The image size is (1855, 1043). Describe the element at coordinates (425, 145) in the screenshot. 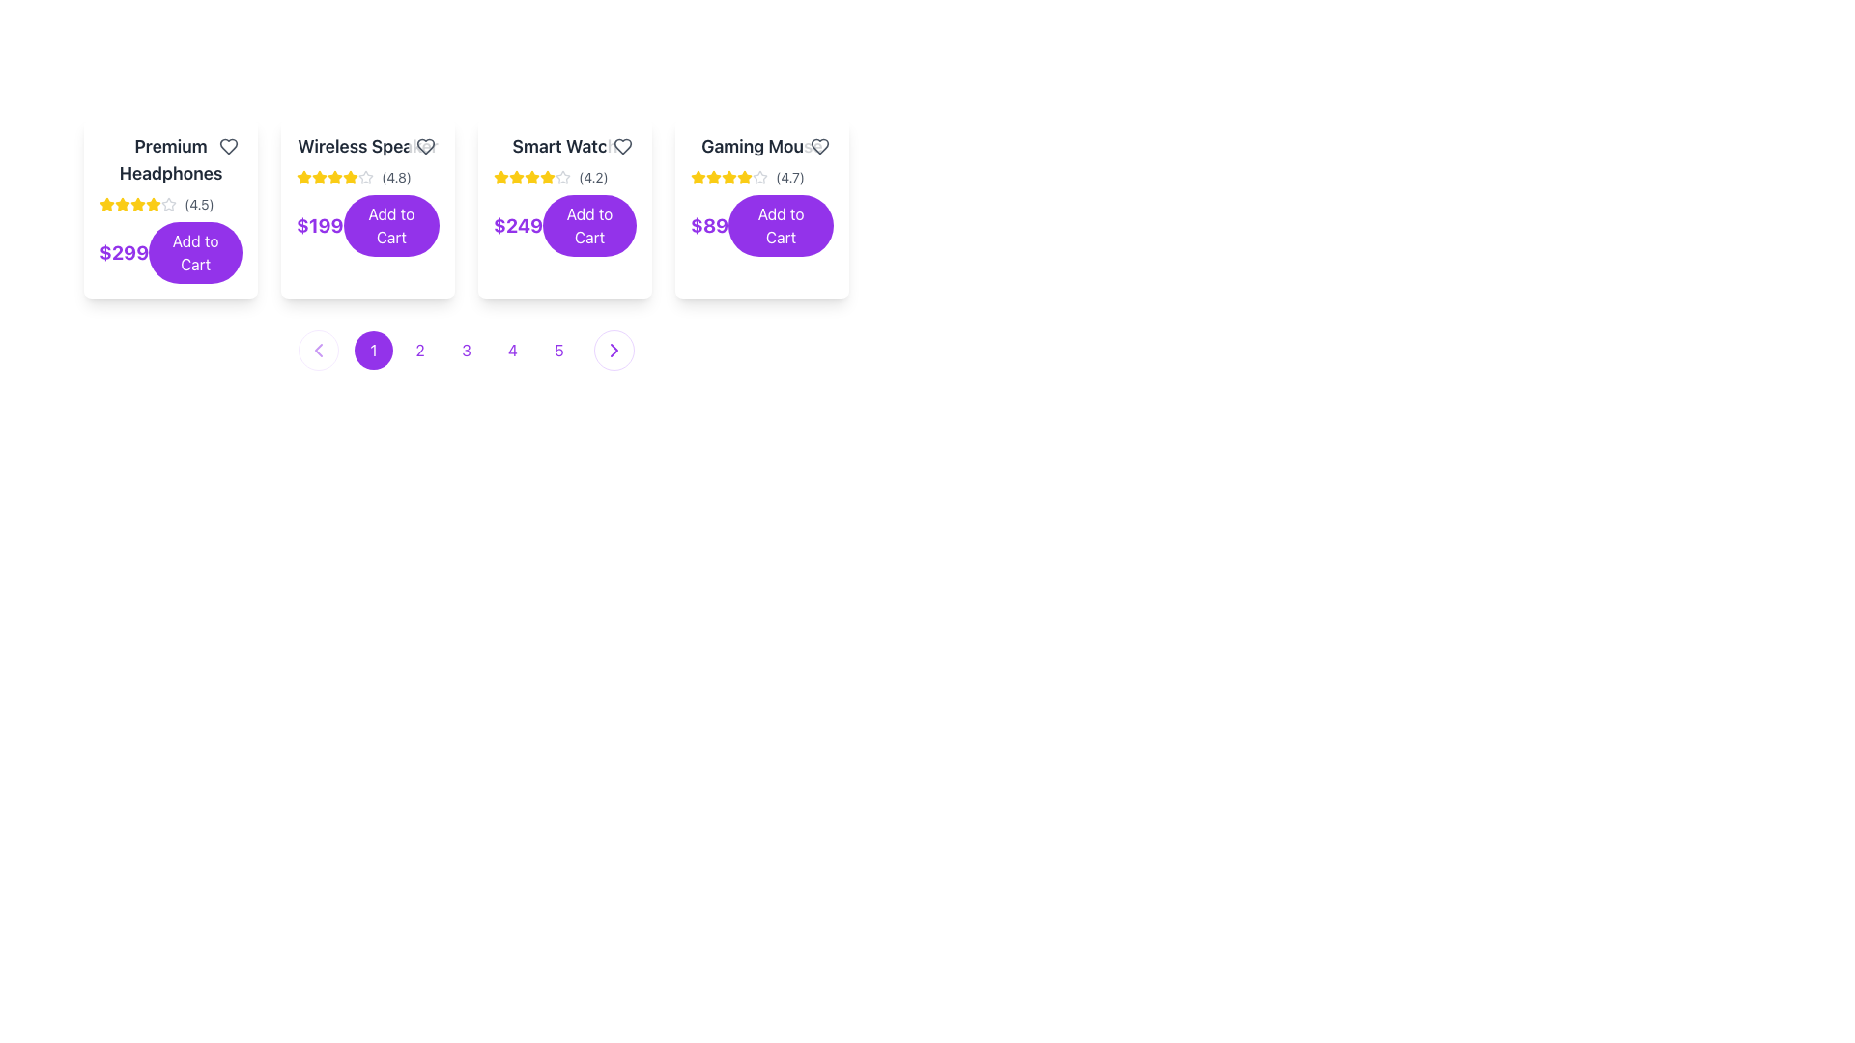

I see `the heart button located at the top-right corner of the 'Wireless Speaker' product card` at that location.